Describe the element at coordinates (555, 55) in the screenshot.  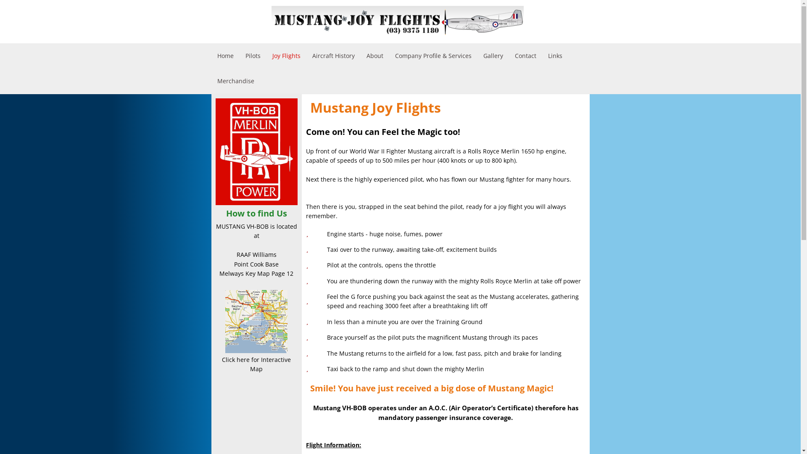
I see `'Links'` at that location.